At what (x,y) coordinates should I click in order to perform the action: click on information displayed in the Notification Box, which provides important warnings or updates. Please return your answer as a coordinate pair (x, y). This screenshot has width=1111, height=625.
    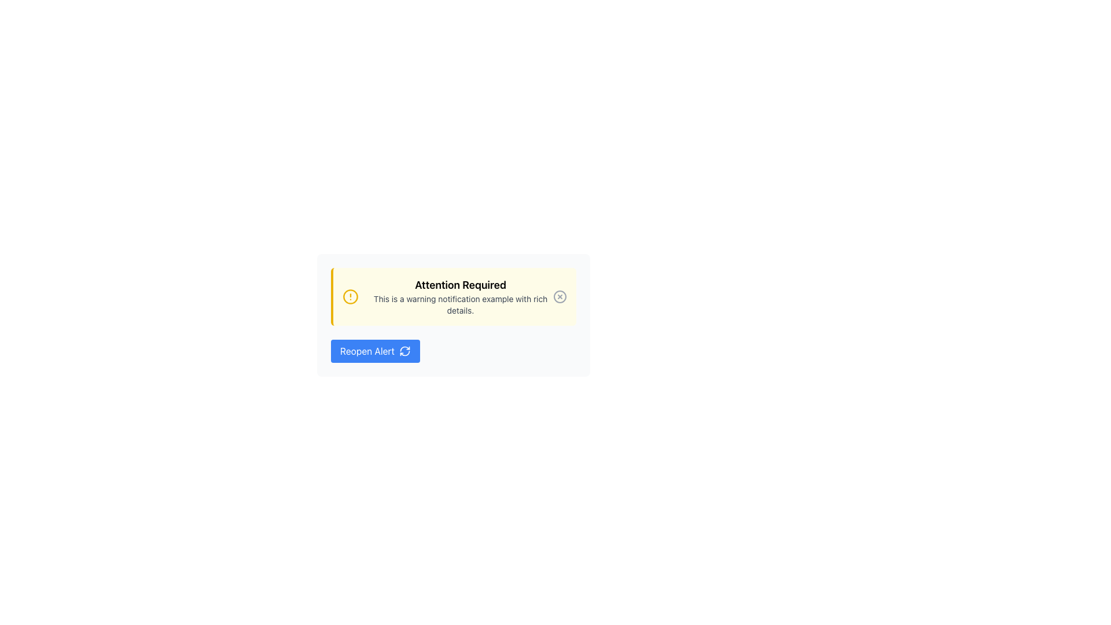
    Looking at the image, I should click on (453, 296).